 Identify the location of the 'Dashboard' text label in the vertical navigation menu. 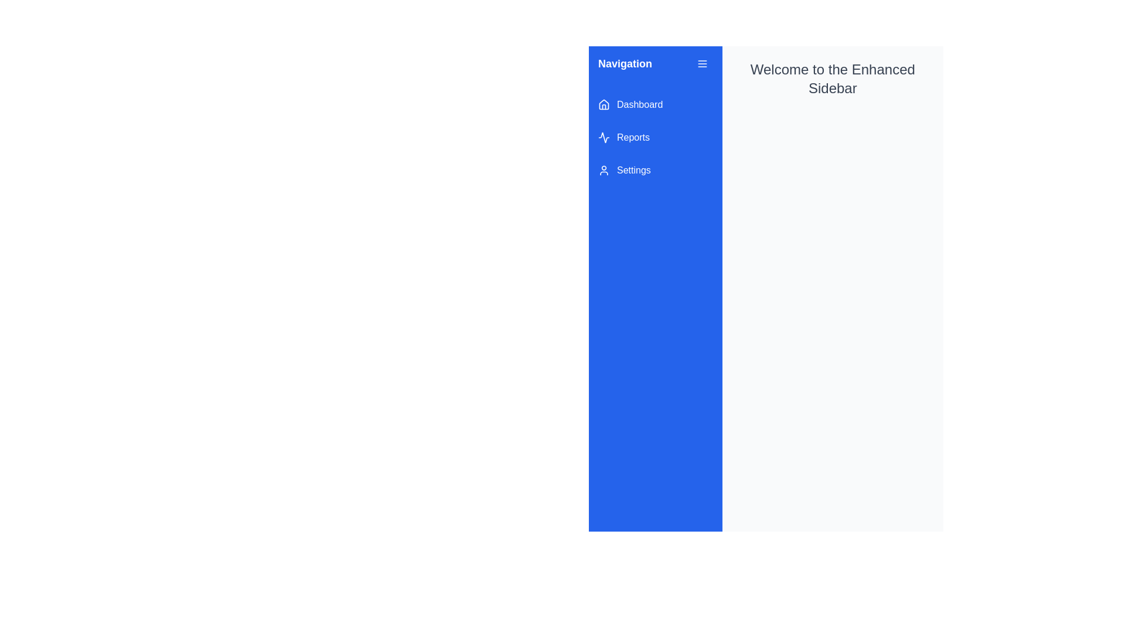
(639, 104).